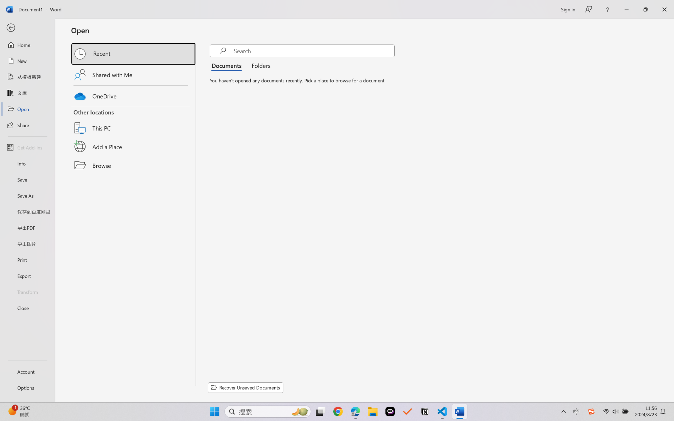 Image resolution: width=674 pixels, height=421 pixels. Describe the element at coordinates (27, 28) in the screenshot. I see `'Back'` at that location.